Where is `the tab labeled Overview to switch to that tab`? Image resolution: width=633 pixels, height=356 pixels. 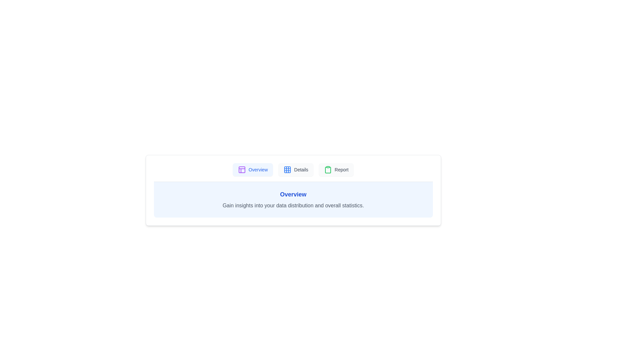 the tab labeled Overview to switch to that tab is located at coordinates (253, 169).